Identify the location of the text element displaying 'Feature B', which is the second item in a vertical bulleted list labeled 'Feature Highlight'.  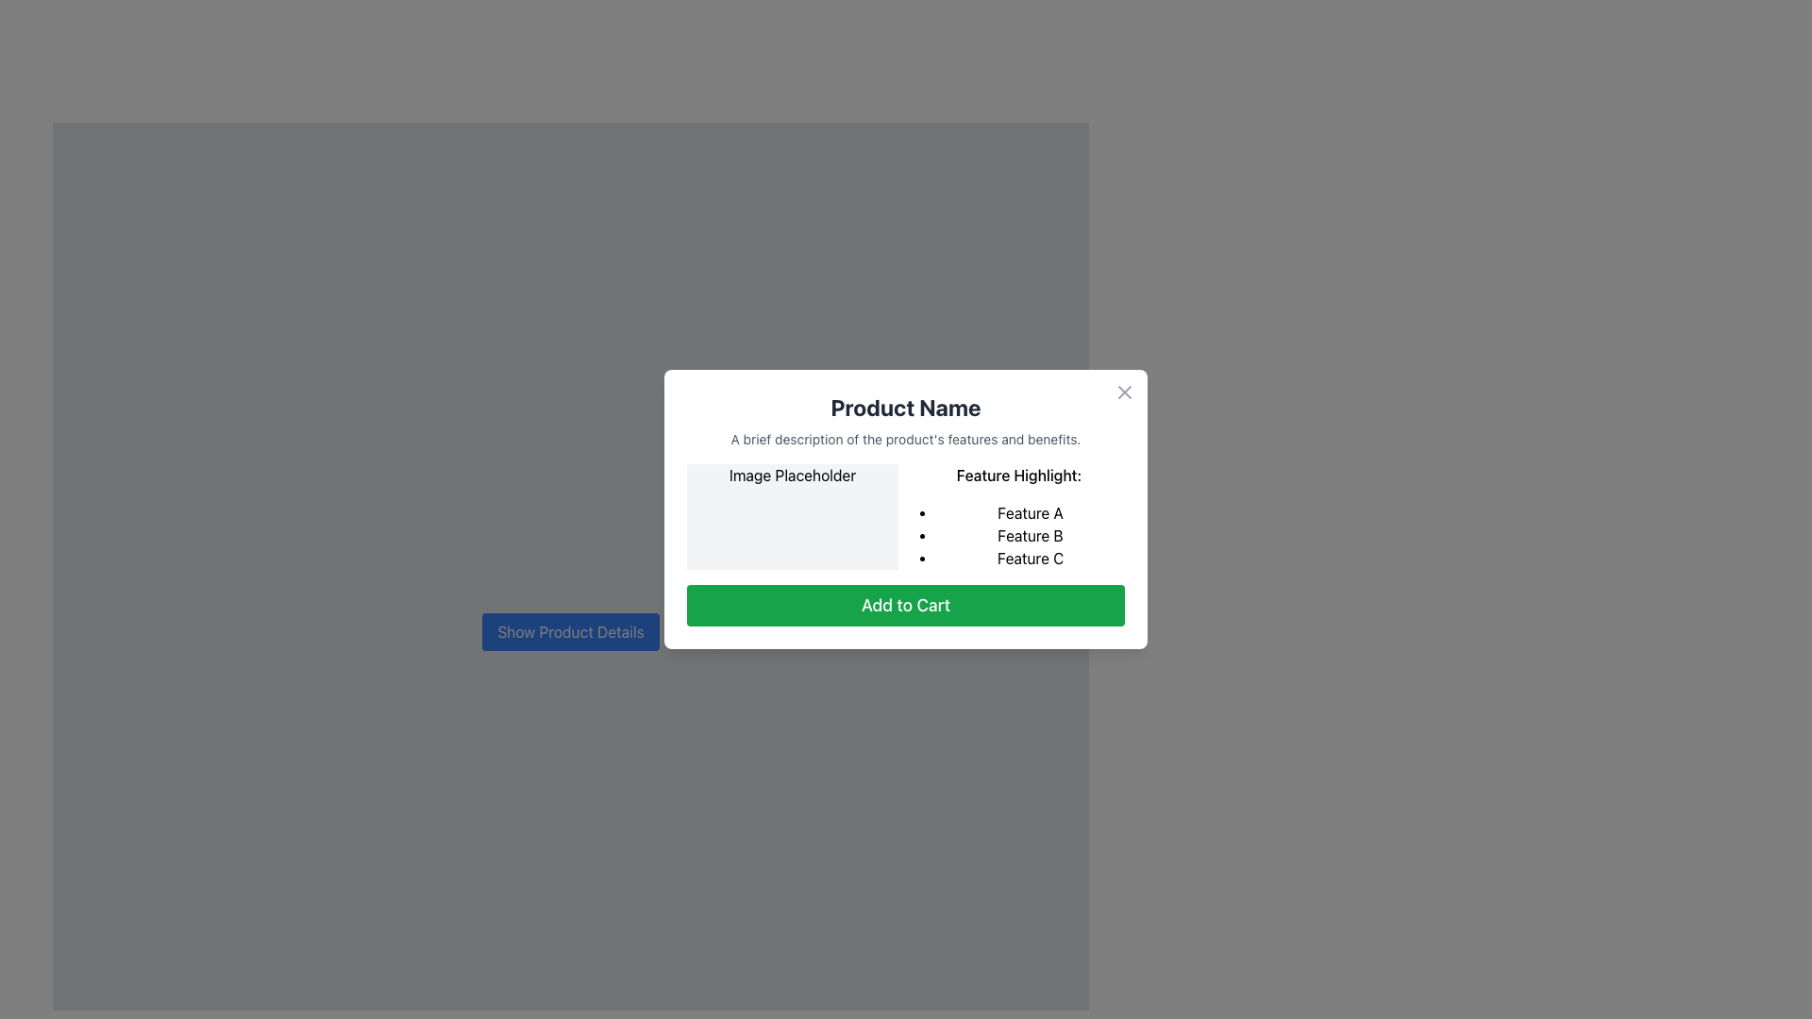
(1029, 535).